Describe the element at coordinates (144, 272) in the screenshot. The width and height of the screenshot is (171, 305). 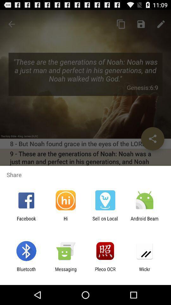
I see `the wickr icon` at that location.